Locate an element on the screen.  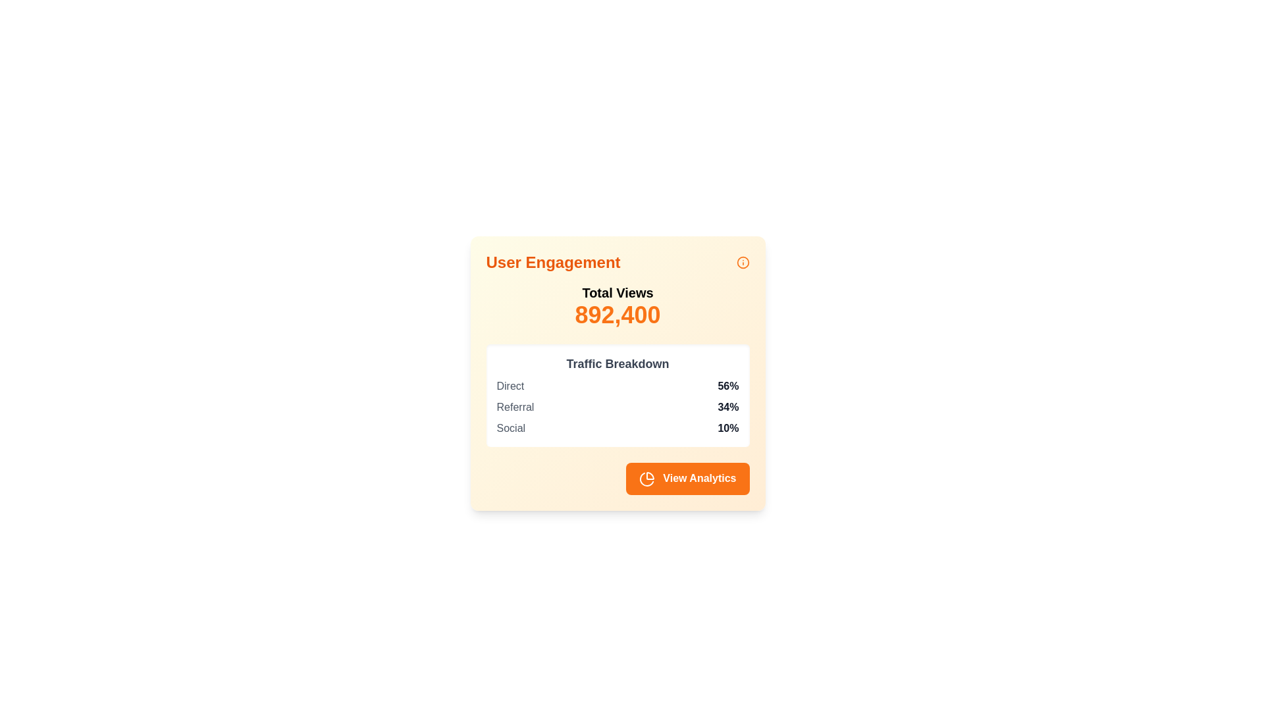
the 'Total Views' statistical display element, which features a bold title and a large orange numerical value, located below the 'User Engagement' title and above the 'Traffic Breakdown' section is located at coordinates (617, 306).